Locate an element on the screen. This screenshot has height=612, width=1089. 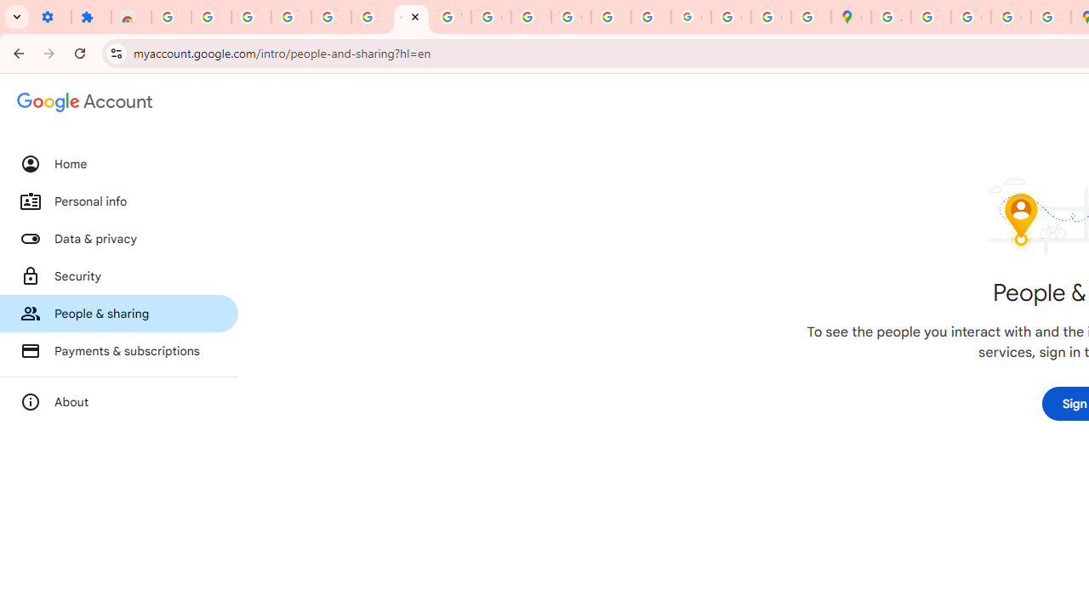
'Security' is located at coordinates (118, 275).